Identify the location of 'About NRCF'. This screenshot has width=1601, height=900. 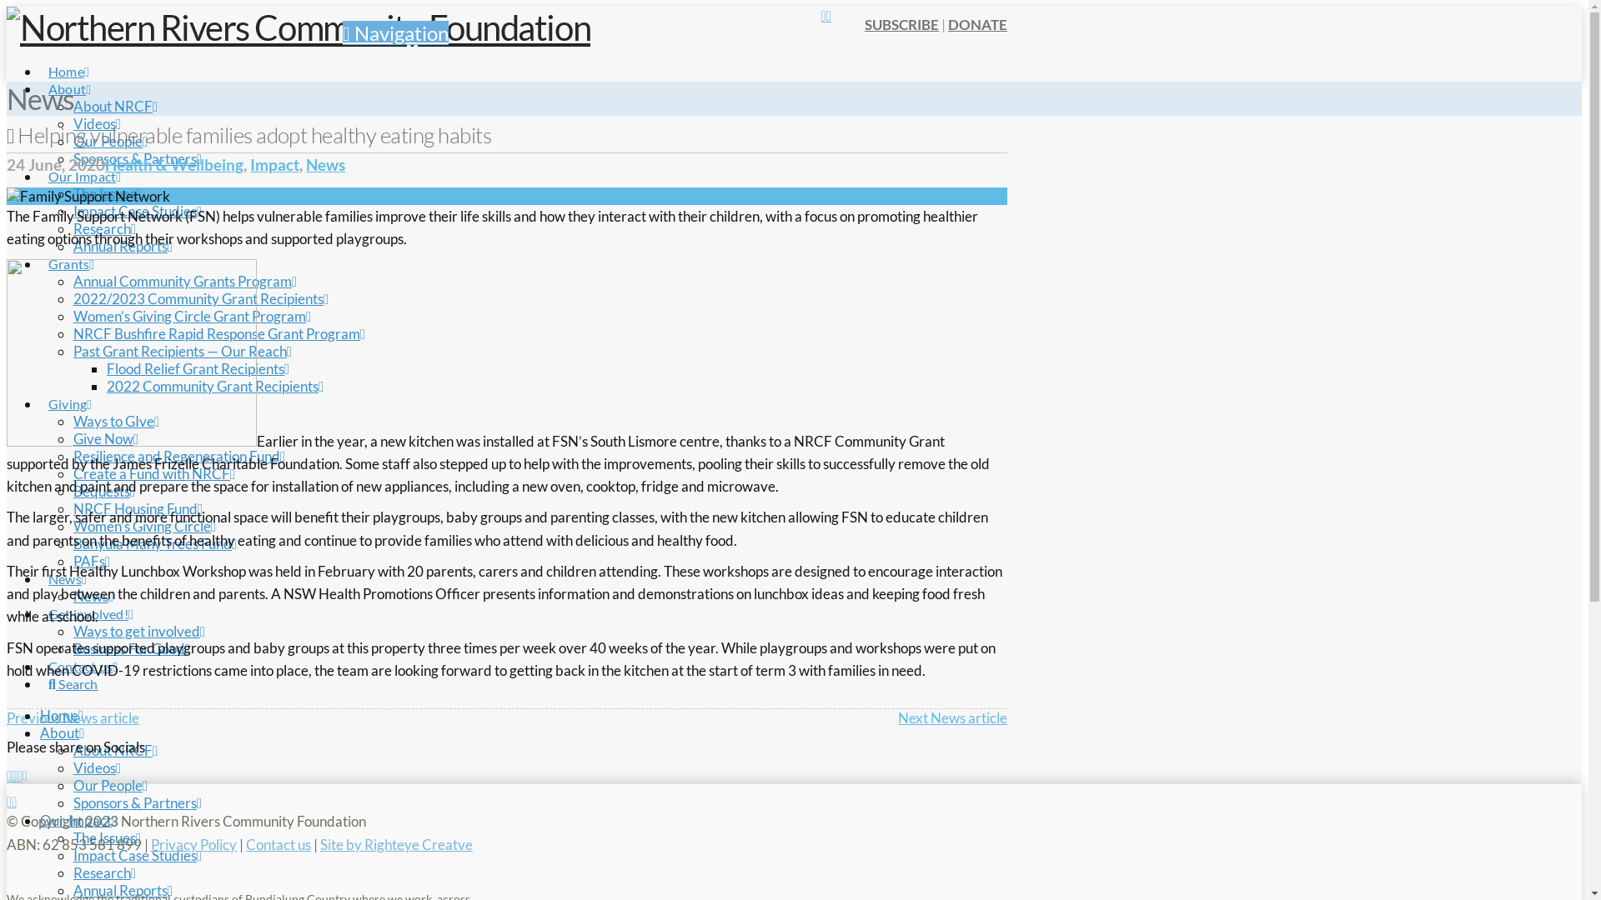
(114, 750).